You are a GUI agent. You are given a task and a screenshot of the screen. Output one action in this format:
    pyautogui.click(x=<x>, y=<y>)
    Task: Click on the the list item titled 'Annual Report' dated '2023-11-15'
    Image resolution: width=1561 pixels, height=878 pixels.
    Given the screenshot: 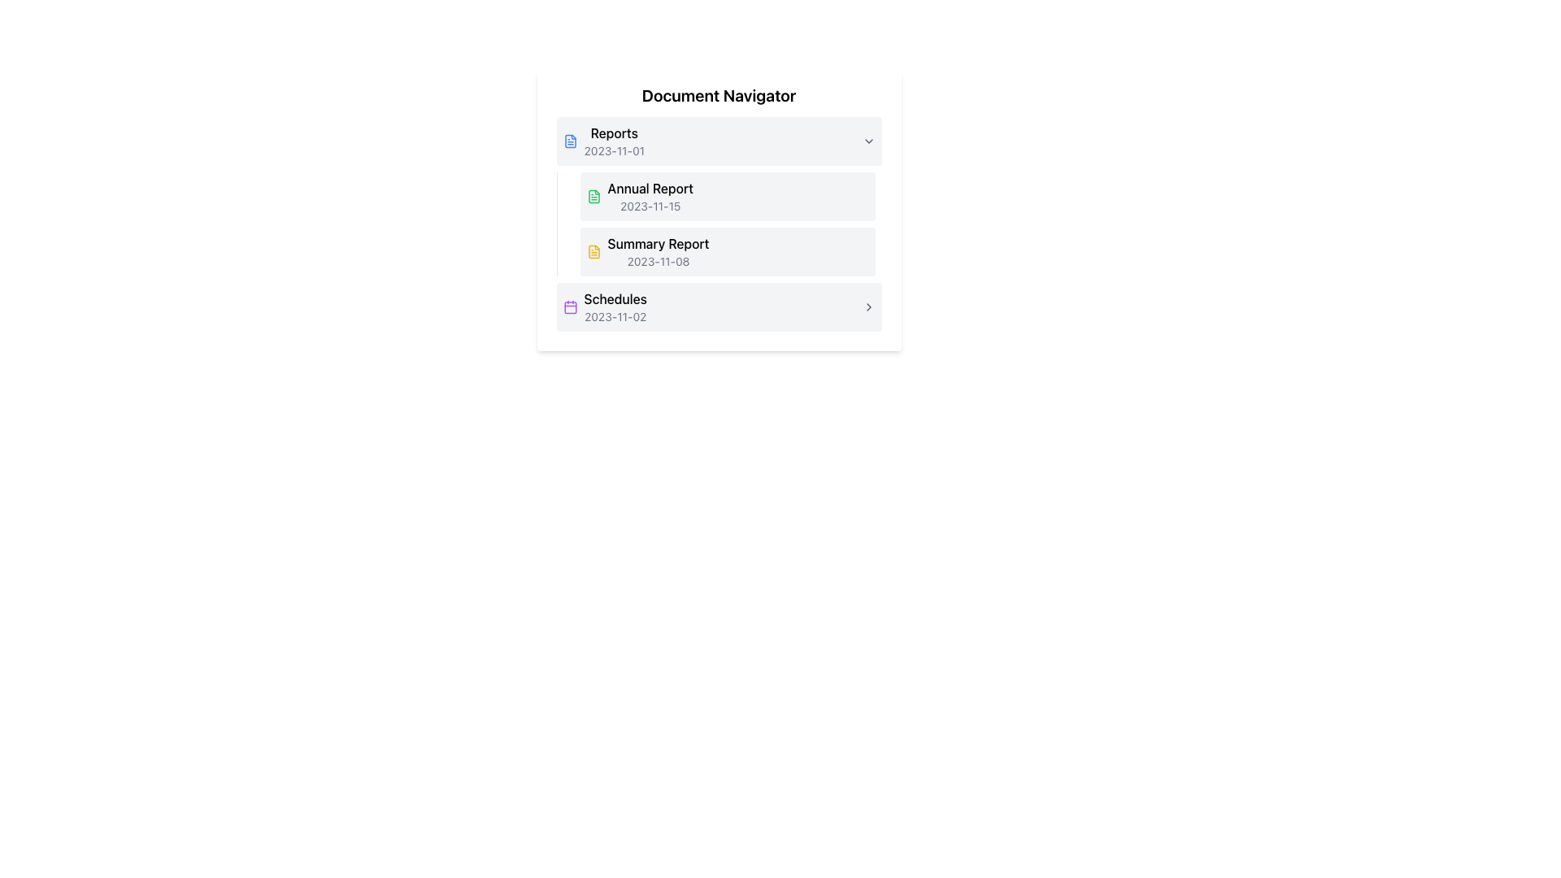 What is the action you would take?
    pyautogui.click(x=726, y=196)
    